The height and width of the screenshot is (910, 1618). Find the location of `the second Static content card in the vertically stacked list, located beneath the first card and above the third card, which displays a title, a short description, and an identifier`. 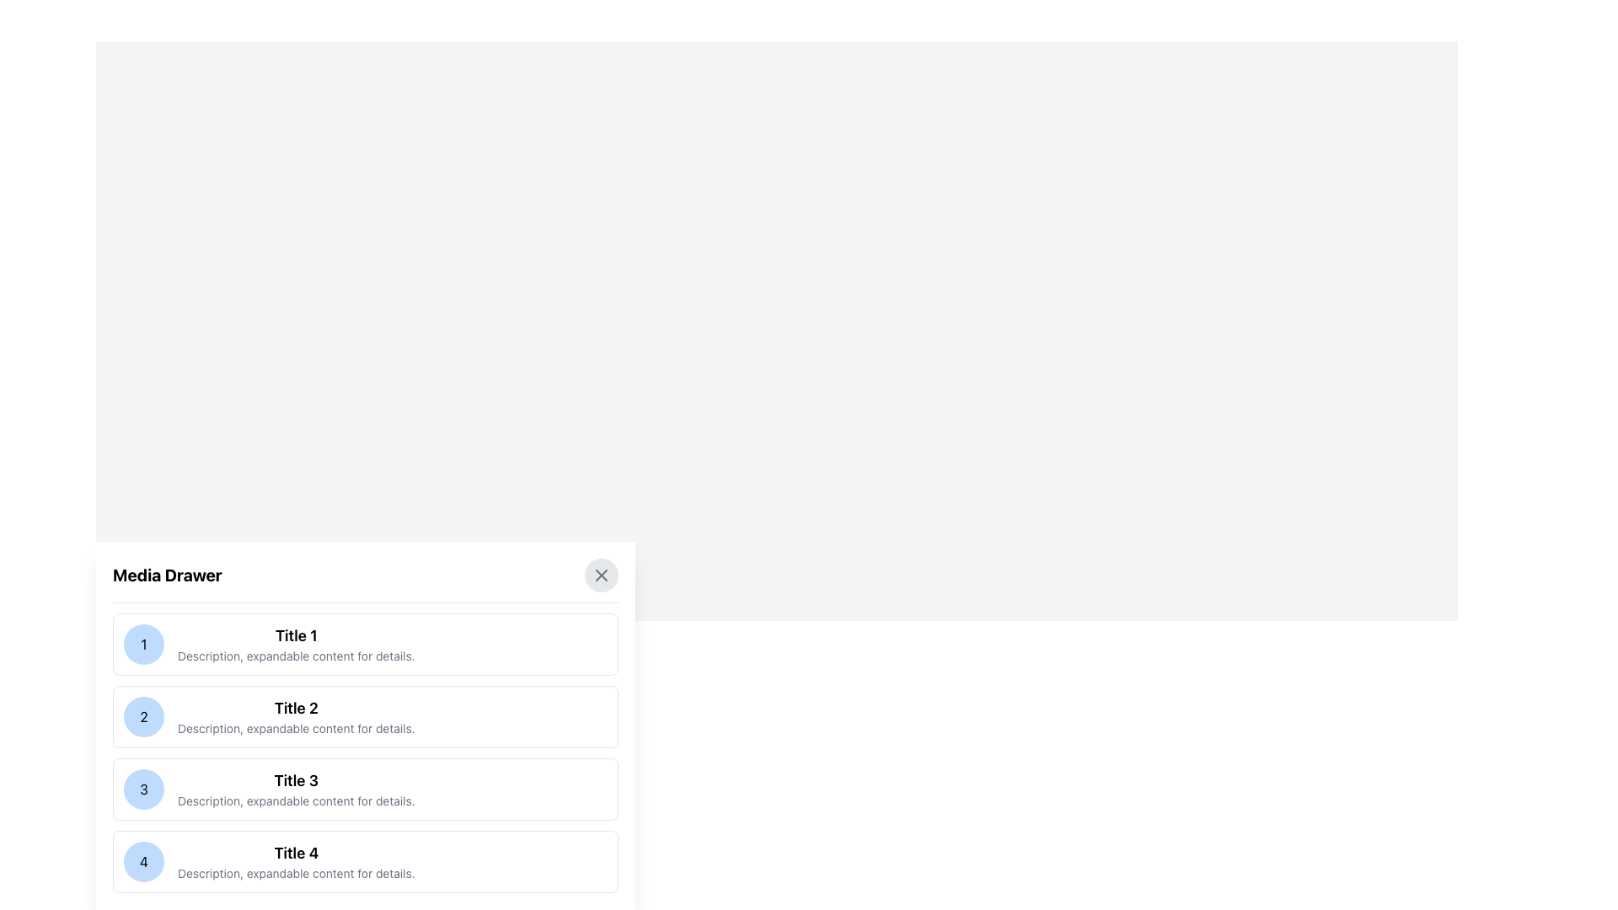

the second Static content card in the vertically stacked list, located beneath the first card and above the third card, which displays a title, a short description, and an identifier is located at coordinates (364, 717).